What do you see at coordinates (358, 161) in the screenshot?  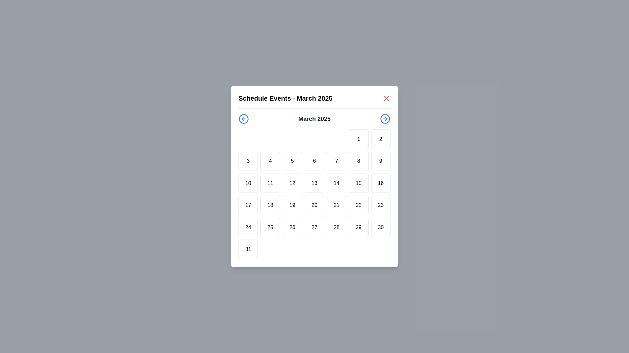 I see `the square-shaped button with the number '8' centered inside, located in the second row and sixth column of the calendar grid in the 'Schedule Events - March 2025' dialog box` at bounding box center [358, 161].